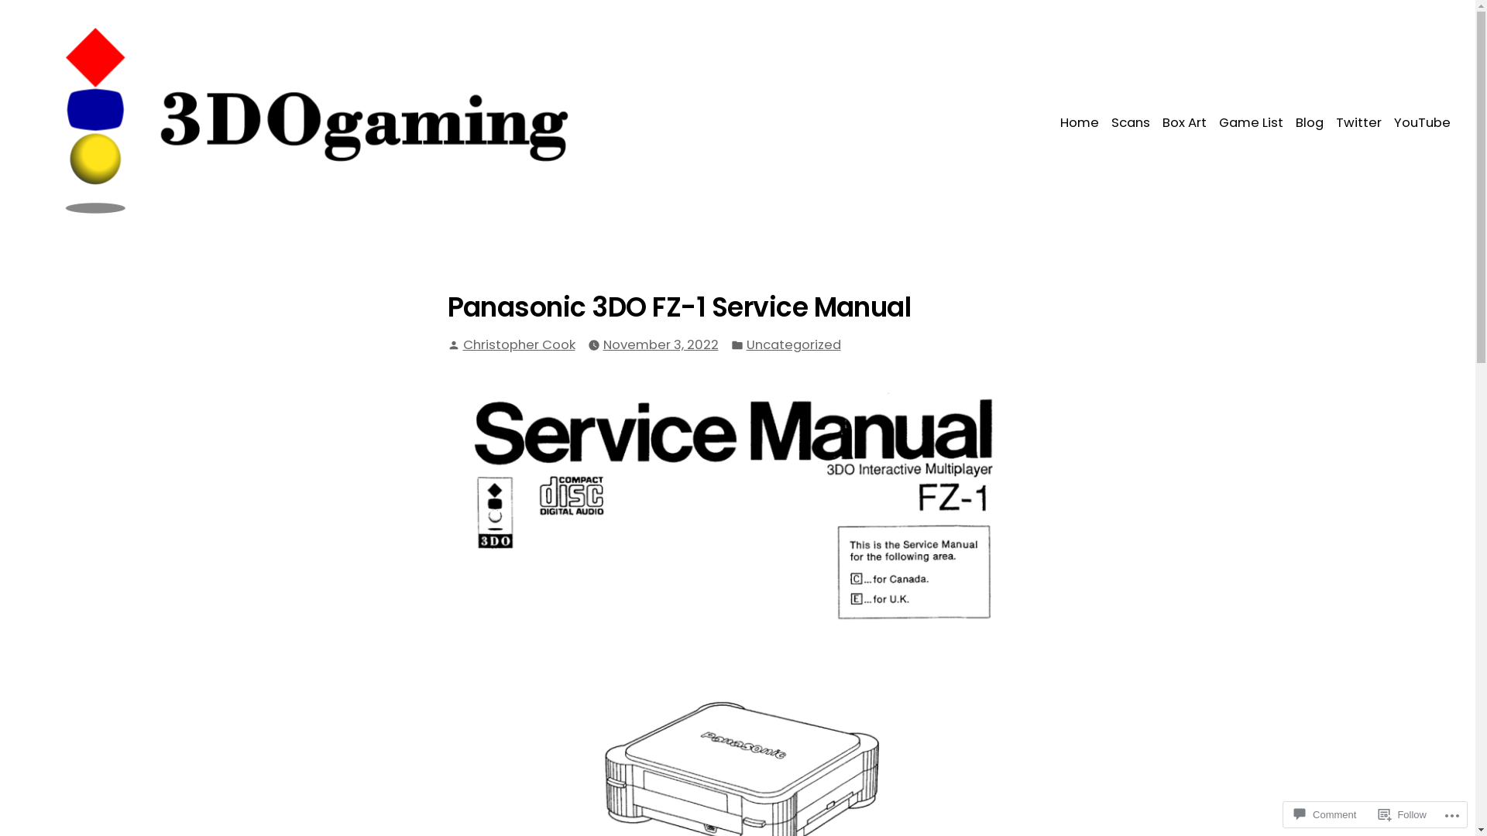 Image resolution: width=1487 pixels, height=836 pixels. I want to click on 'Blog', so click(1290, 122).